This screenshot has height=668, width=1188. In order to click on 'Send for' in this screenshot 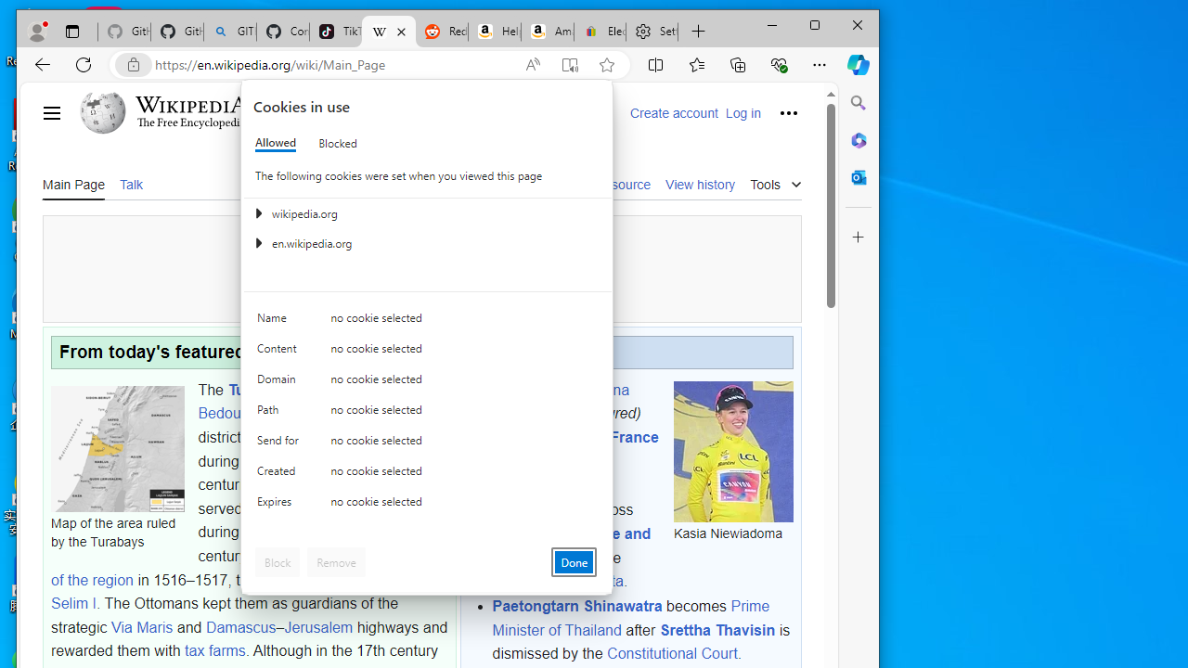, I will do `click(279, 444)`.